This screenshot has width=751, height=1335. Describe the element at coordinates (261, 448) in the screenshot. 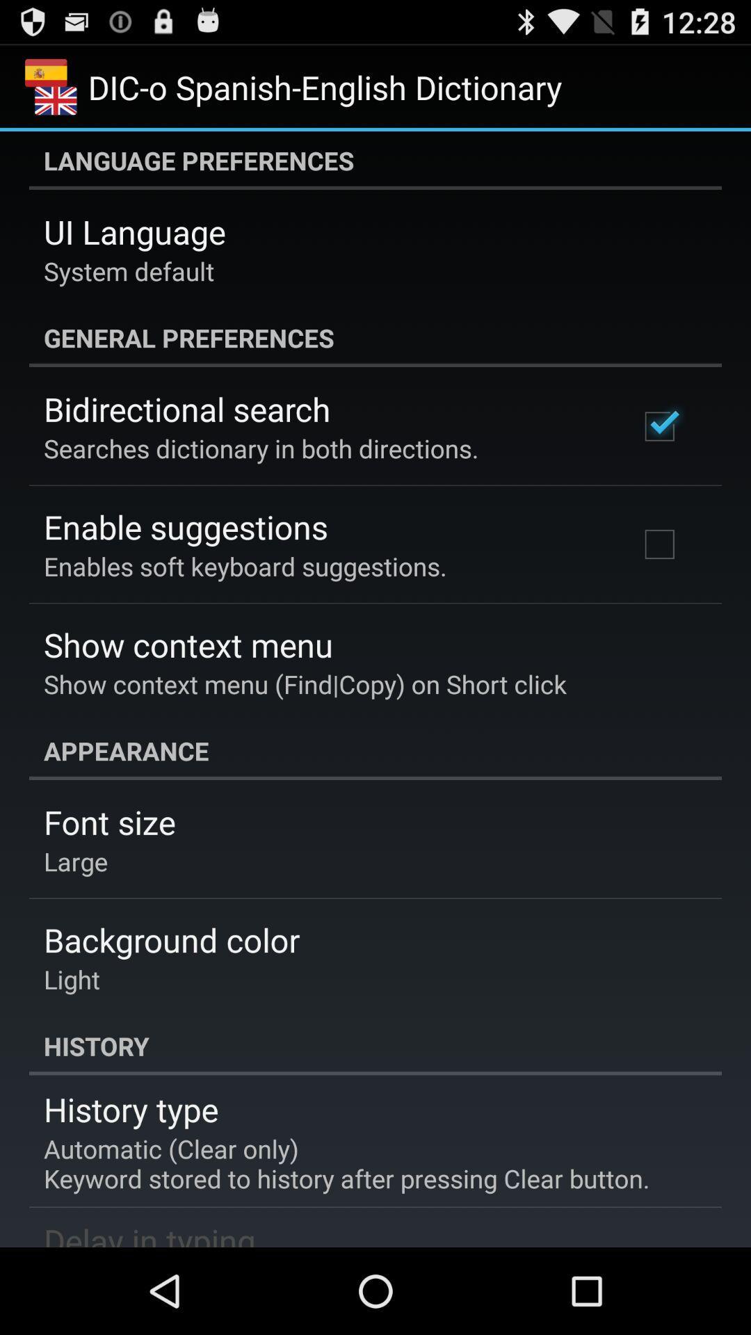

I see `icon above enable suggestions icon` at that location.